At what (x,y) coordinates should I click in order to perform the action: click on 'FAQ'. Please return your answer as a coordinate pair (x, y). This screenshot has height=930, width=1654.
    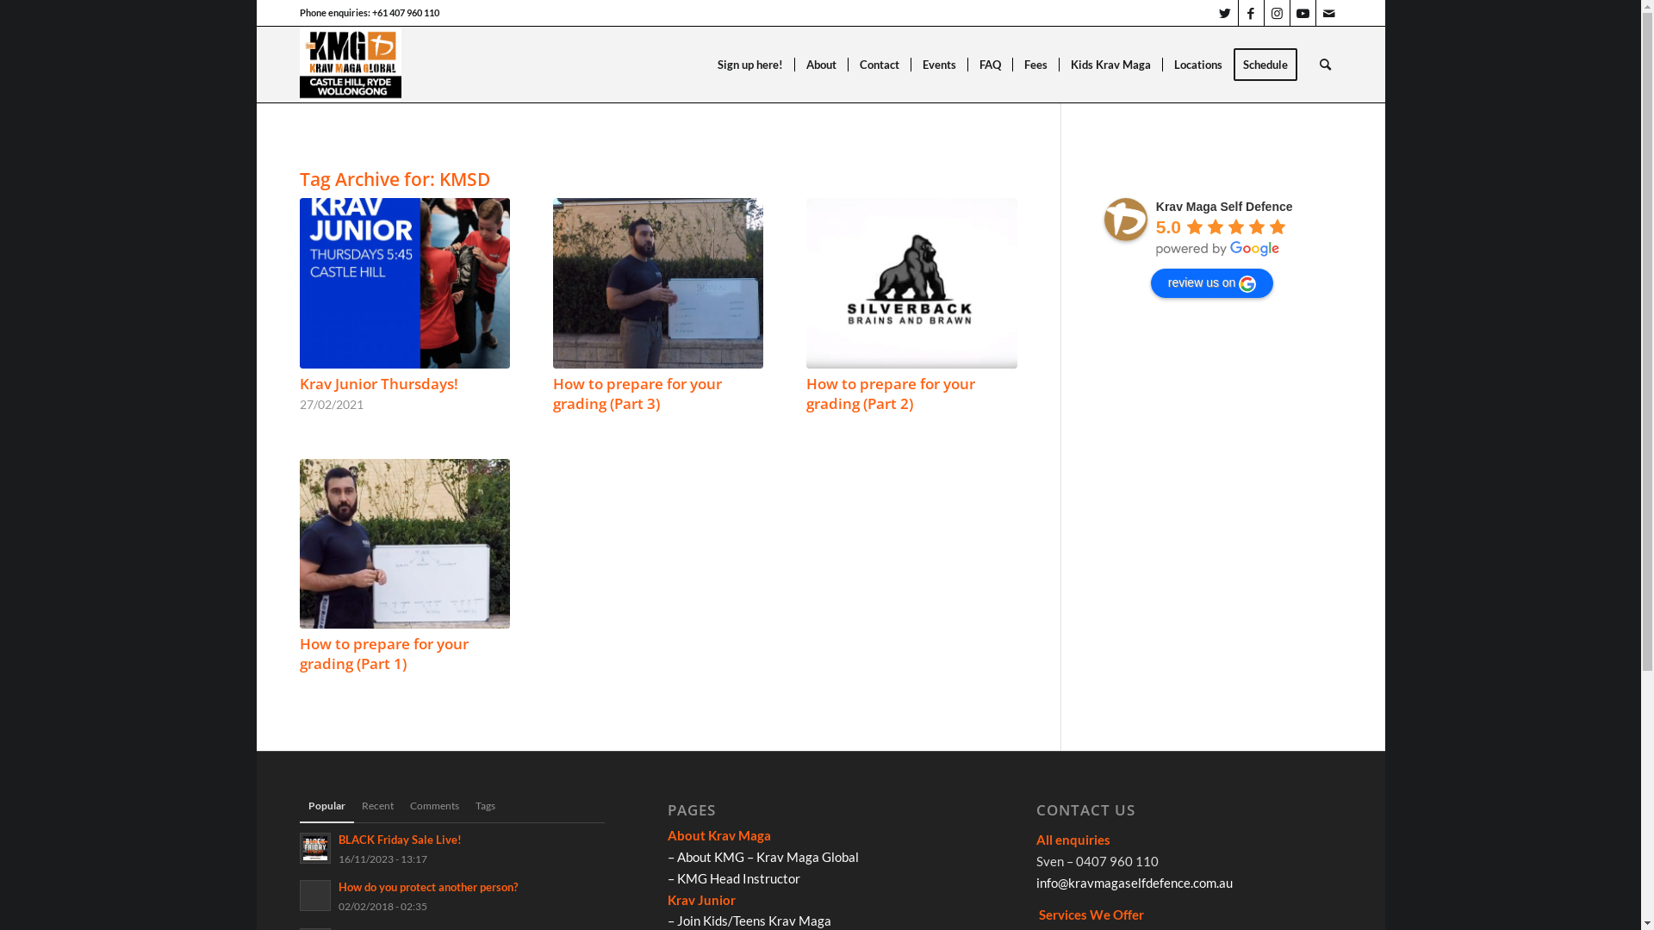
    Looking at the image, I should click on (988, 63).